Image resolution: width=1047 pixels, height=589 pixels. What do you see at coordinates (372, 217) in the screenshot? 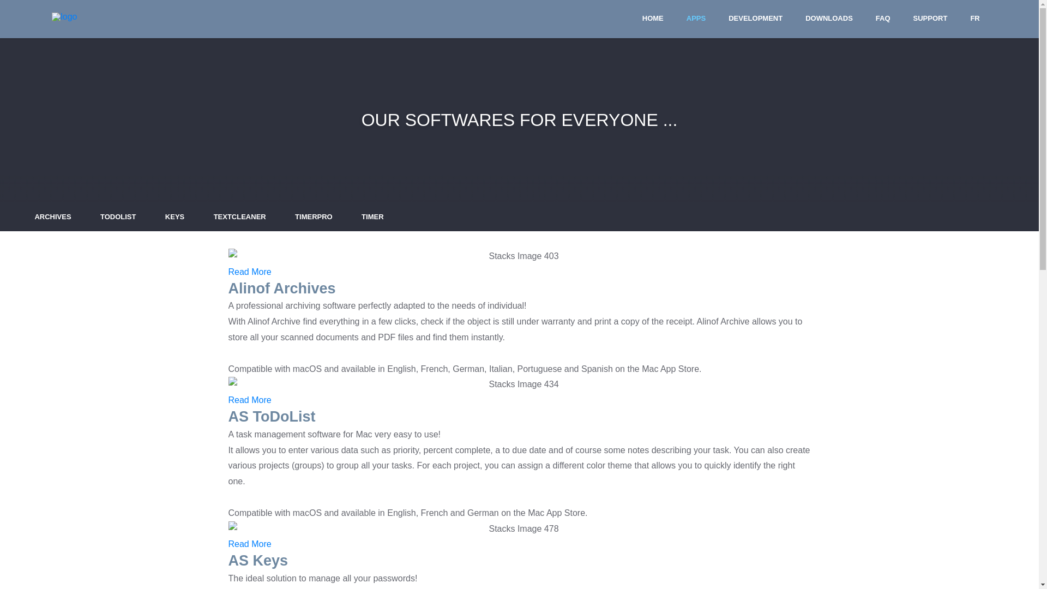
I see `'TIMER'` at bounding box center [372, 217].